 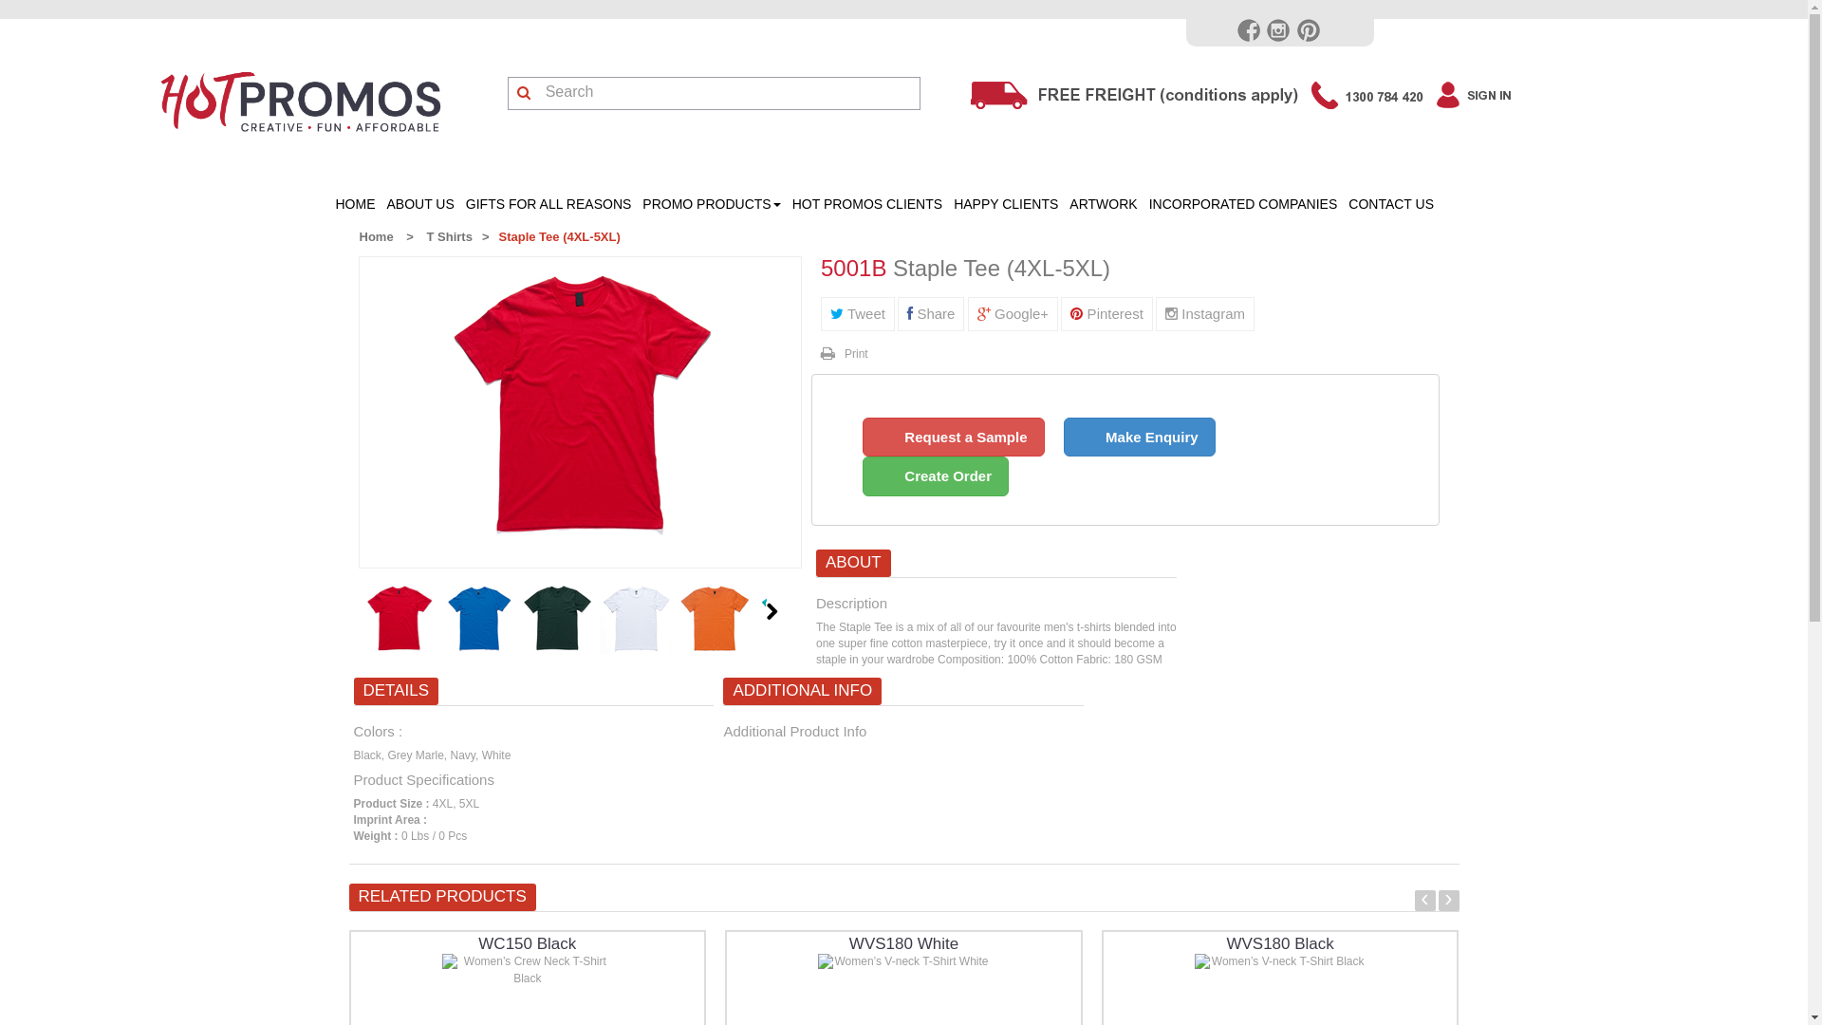 What do you see at coordinates (375, 235) in the screenshot?
I see `'Home'` at bounding box center [375, 235].